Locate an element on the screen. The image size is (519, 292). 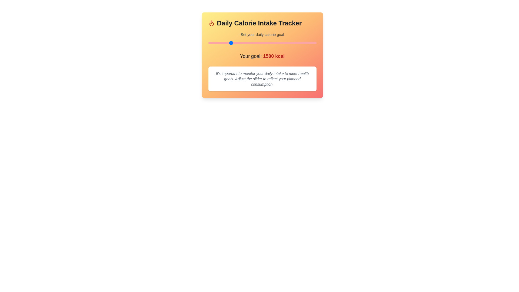
the calorie goal slider to a value of 1197 is located at coordinates (217, 42).